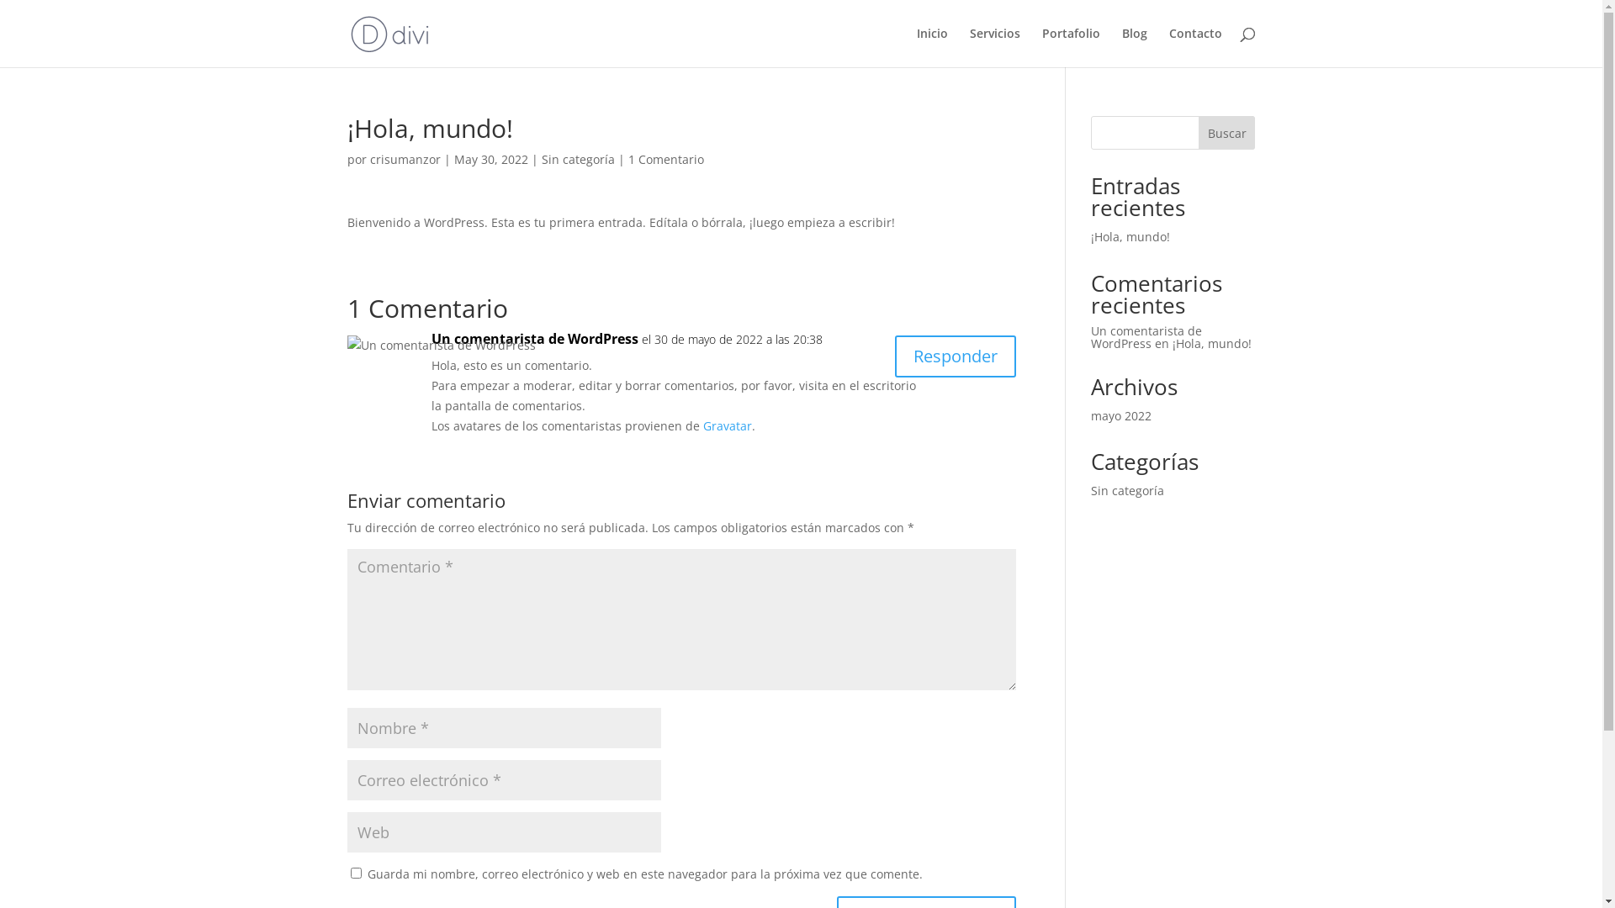  Describe the element at coordinates (405, 159) in the screenshot. I see `'crisumanzor'` at that location.